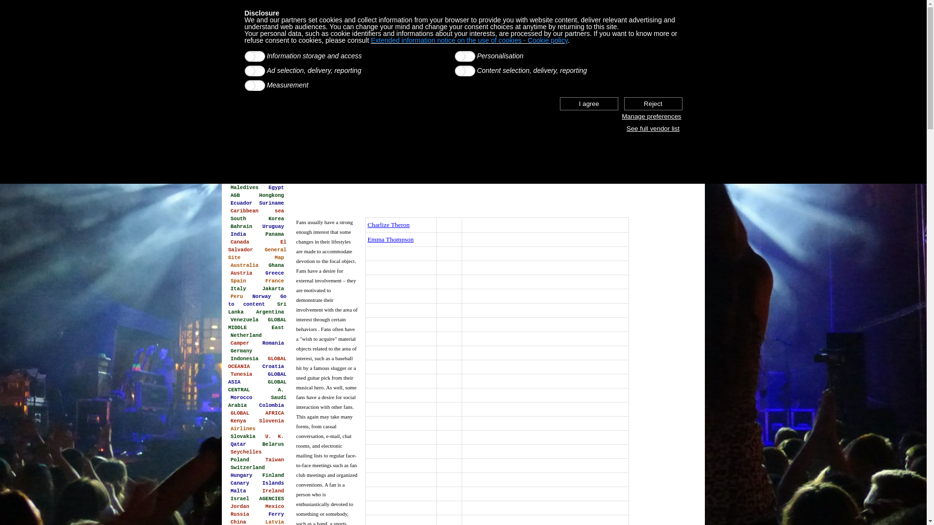 This screenshot has width=934, height=525. Describe the element at coordinates (228, 428) in the screenshot. I see `'Airlines'` at that location.